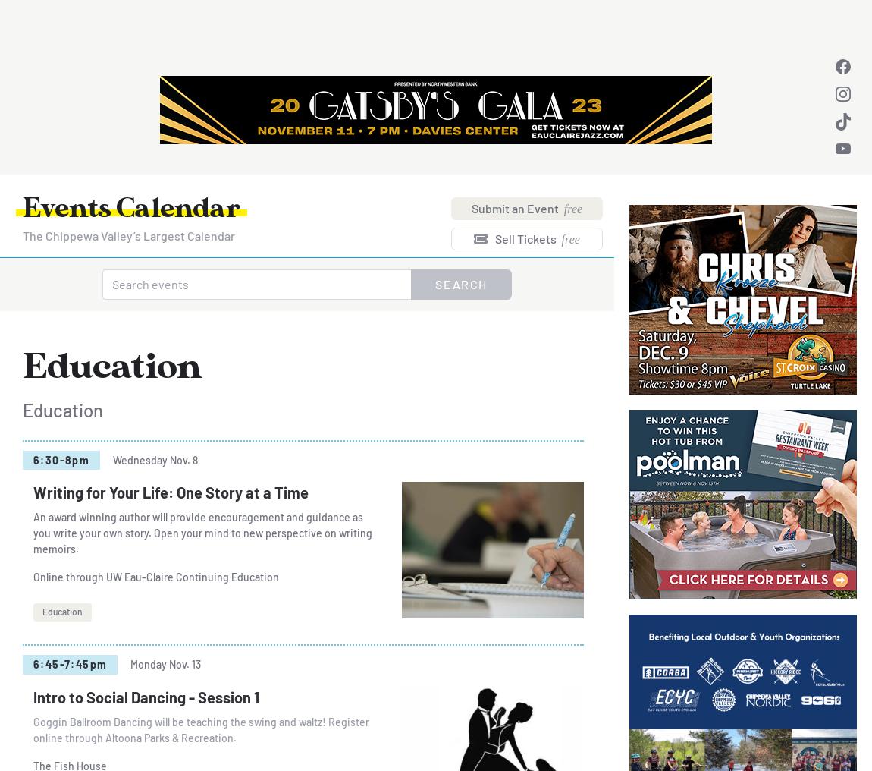 This screenshot has height=771, width=872. I want to click on 'Monday Nov. 13', so click(165, 664).